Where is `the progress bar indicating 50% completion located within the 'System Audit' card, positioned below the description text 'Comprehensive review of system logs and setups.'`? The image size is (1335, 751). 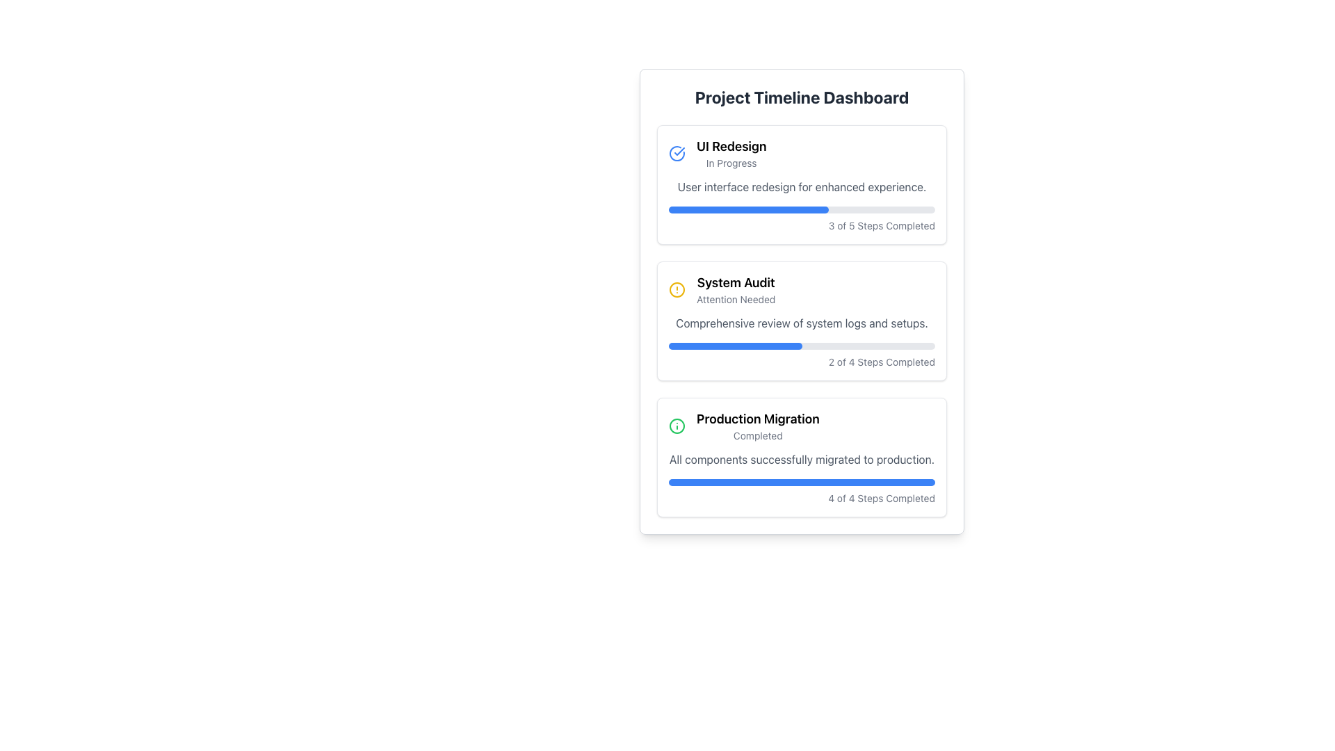
the progress bar indicating 50% completion located within the 'System Audit' card, positioned below the description text 'Comprehensive review of system logs and setups.' is located at coordinates (802, 345).